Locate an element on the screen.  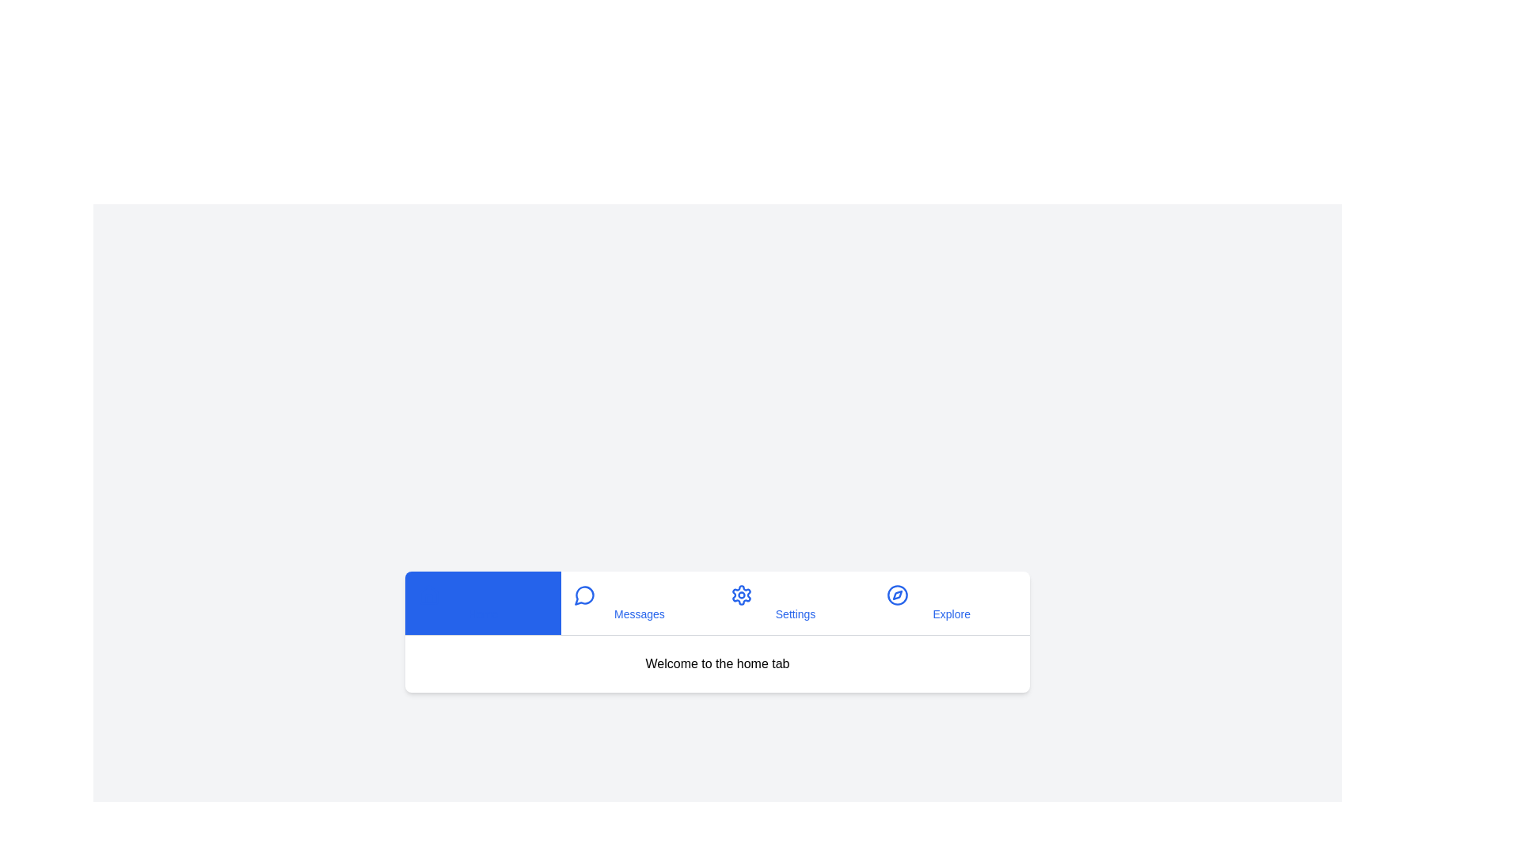
the tab button labeled 'Home' to see its hover effect is located at coordinates (482, 602).